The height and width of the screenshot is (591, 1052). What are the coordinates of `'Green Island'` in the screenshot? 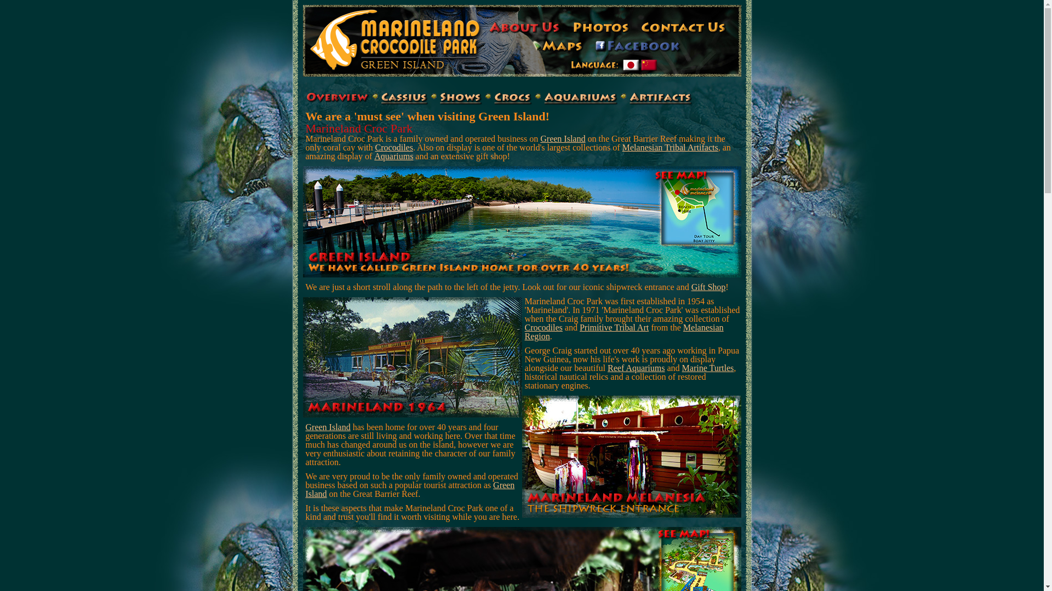 It's located at (328, 426).